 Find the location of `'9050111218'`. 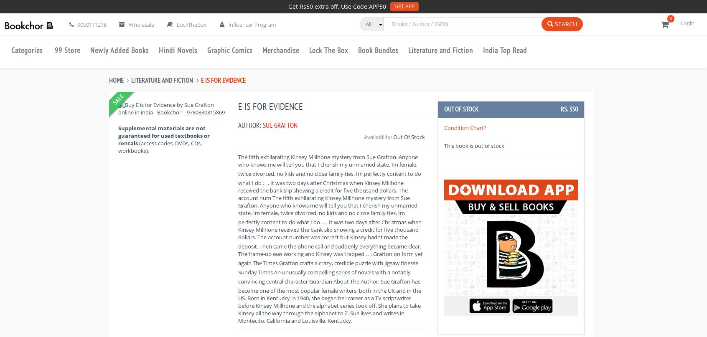

'9050111218' is located at coordinates (91, 24).